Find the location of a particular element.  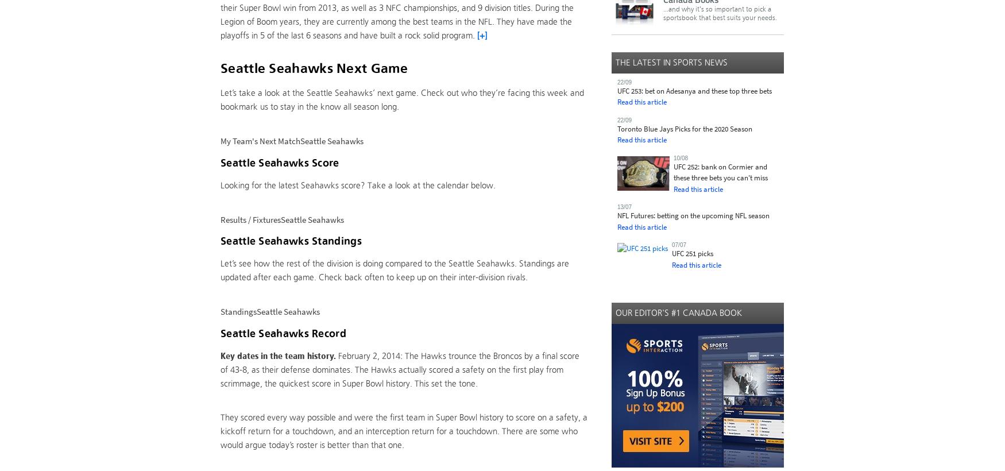

'Our Editor's #1 Canada Book' is located at coordinates (678, 312).